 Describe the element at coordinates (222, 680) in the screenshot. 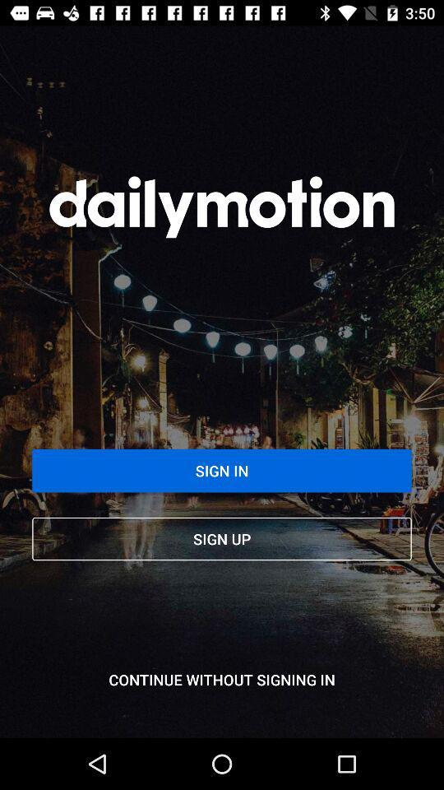

I see `continue without signing icon` at that location.